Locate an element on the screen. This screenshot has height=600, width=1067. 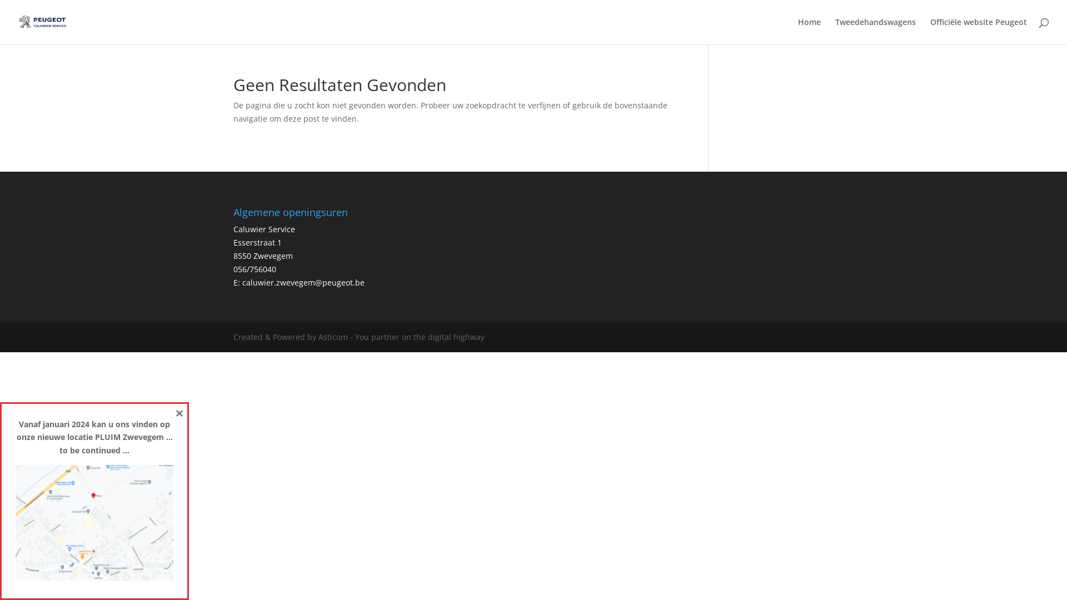
'Tweedehandswagens' is located at coordinates (875, 31).